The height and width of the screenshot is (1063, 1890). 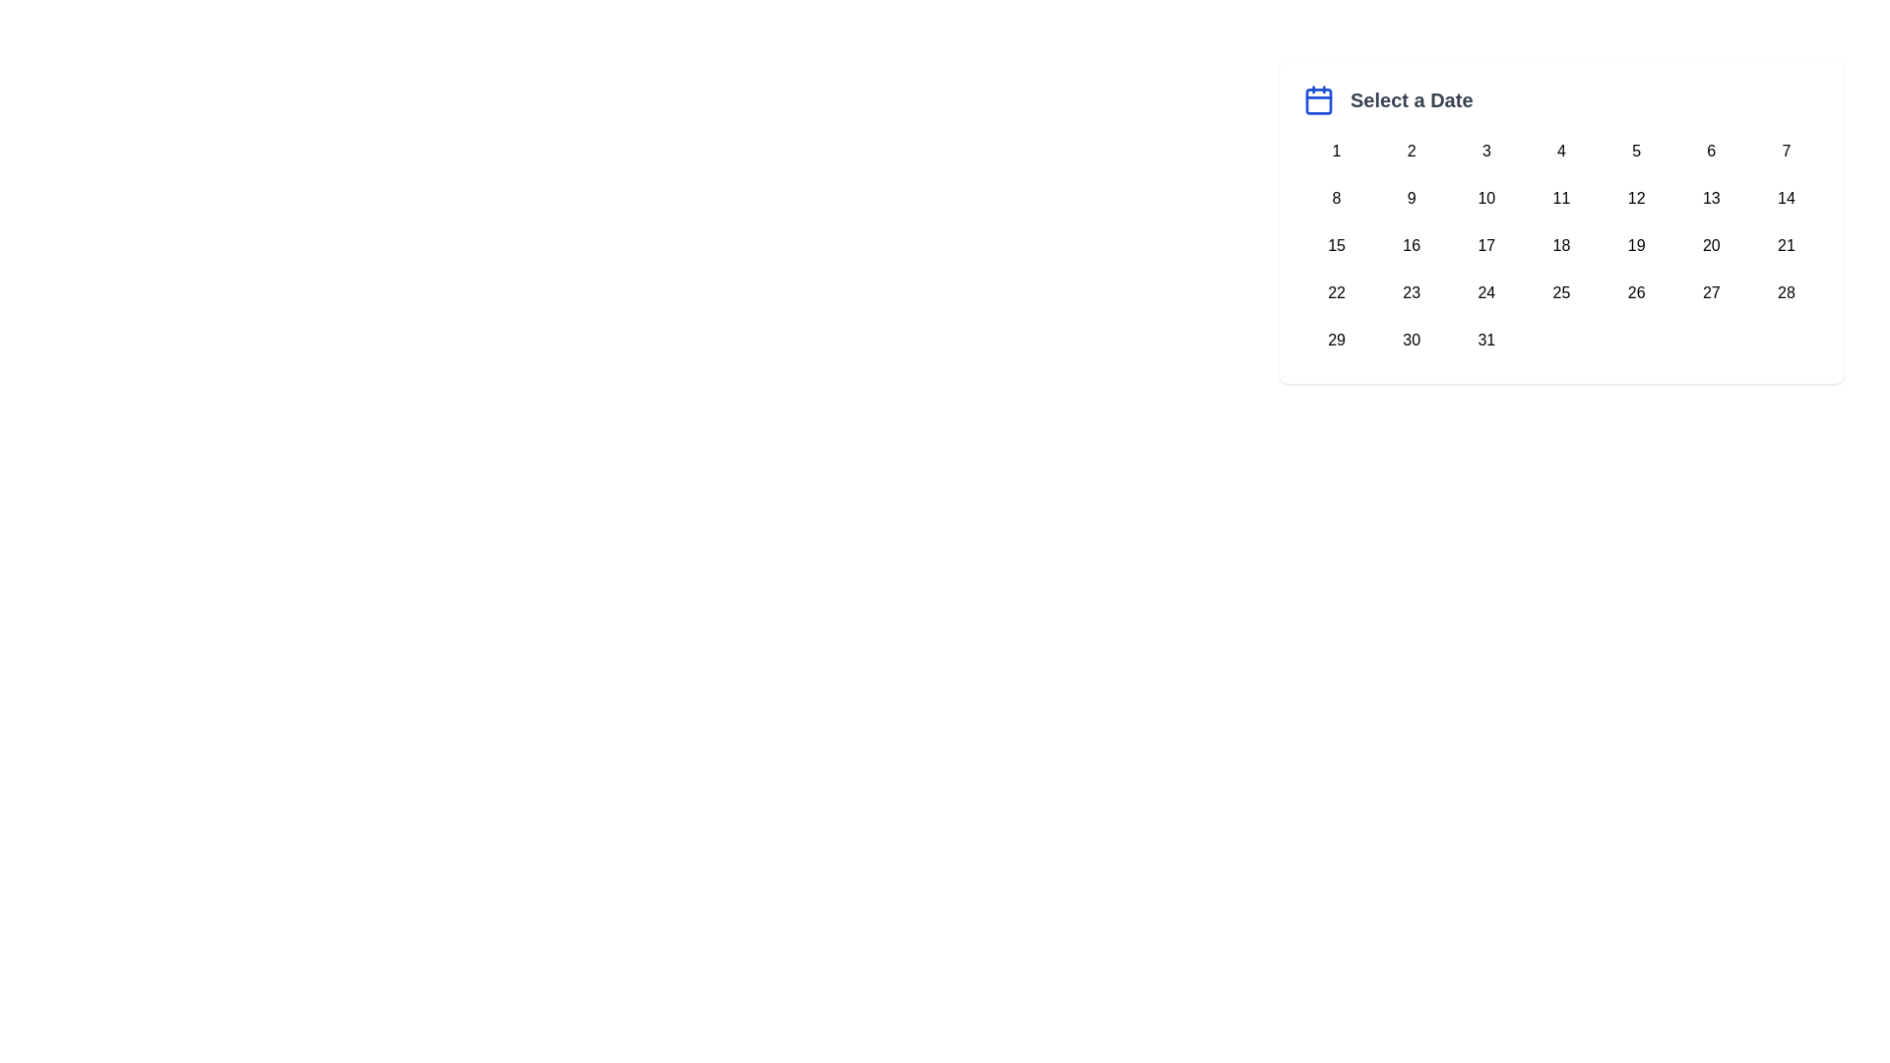 I want to click on the button labeled '14', so click(x=1786, y=198).